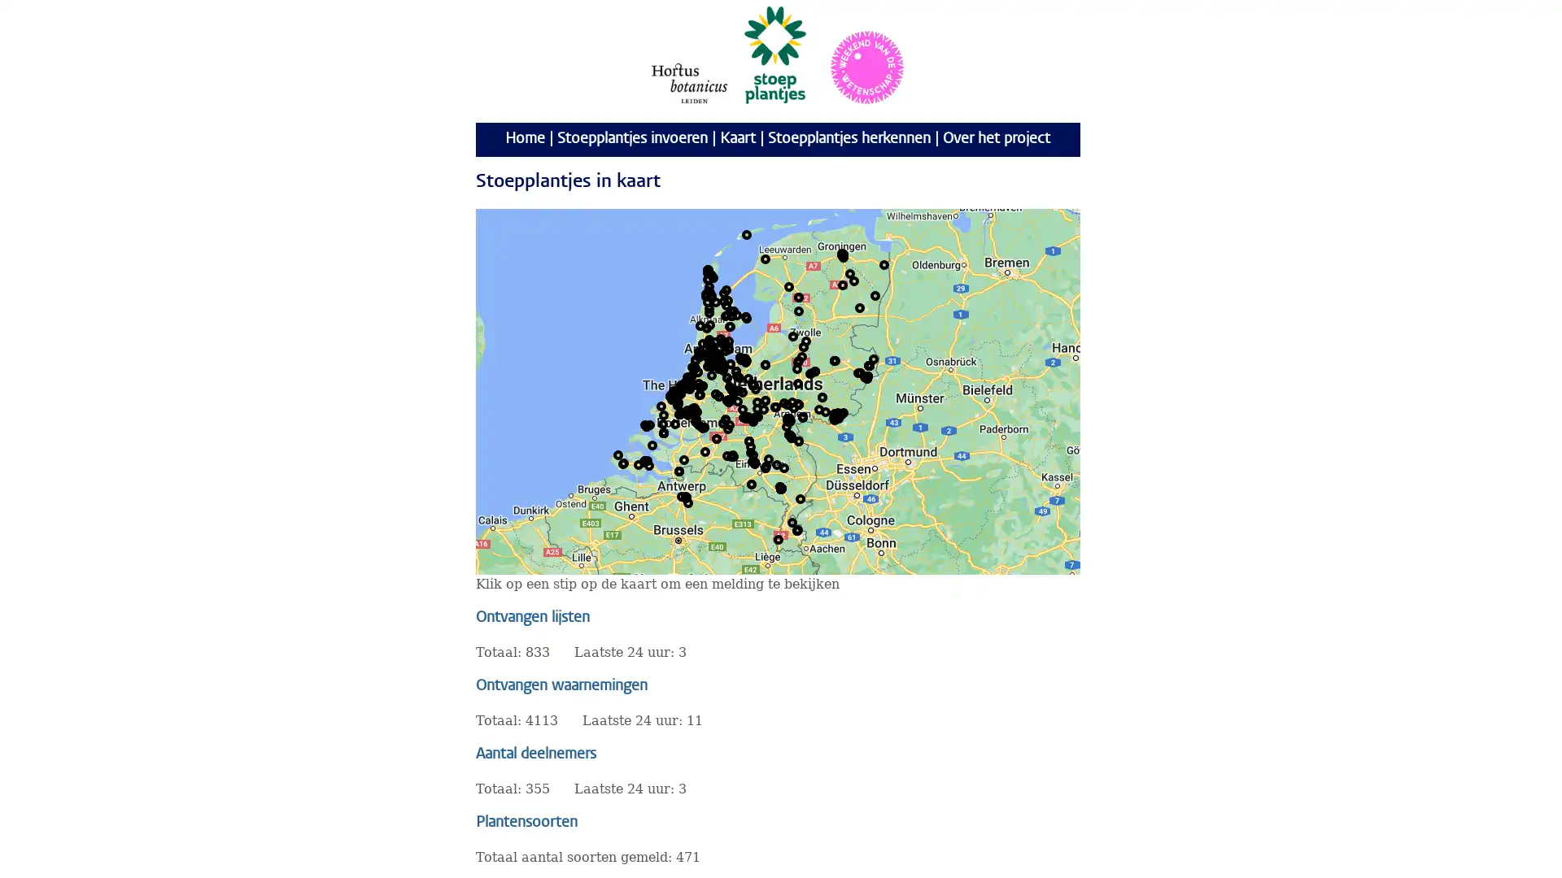  Describe the element at coordinates (716, 355) in the screenshot. I see `Telling van op 07 maart 2022` at that location.